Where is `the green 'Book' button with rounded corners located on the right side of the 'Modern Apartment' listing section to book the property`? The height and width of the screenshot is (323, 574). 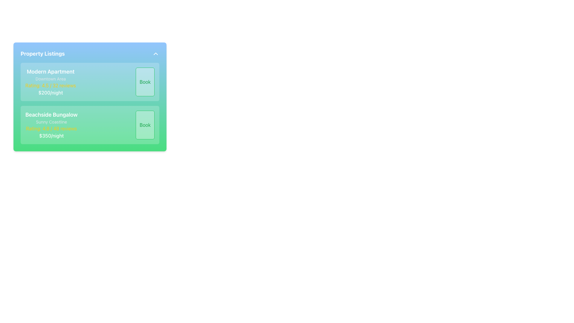
the green 'Book' button with rounded corners located on the right side of the 'Modern Apartment' listing section to book the property is located at coordinates (145, 82).